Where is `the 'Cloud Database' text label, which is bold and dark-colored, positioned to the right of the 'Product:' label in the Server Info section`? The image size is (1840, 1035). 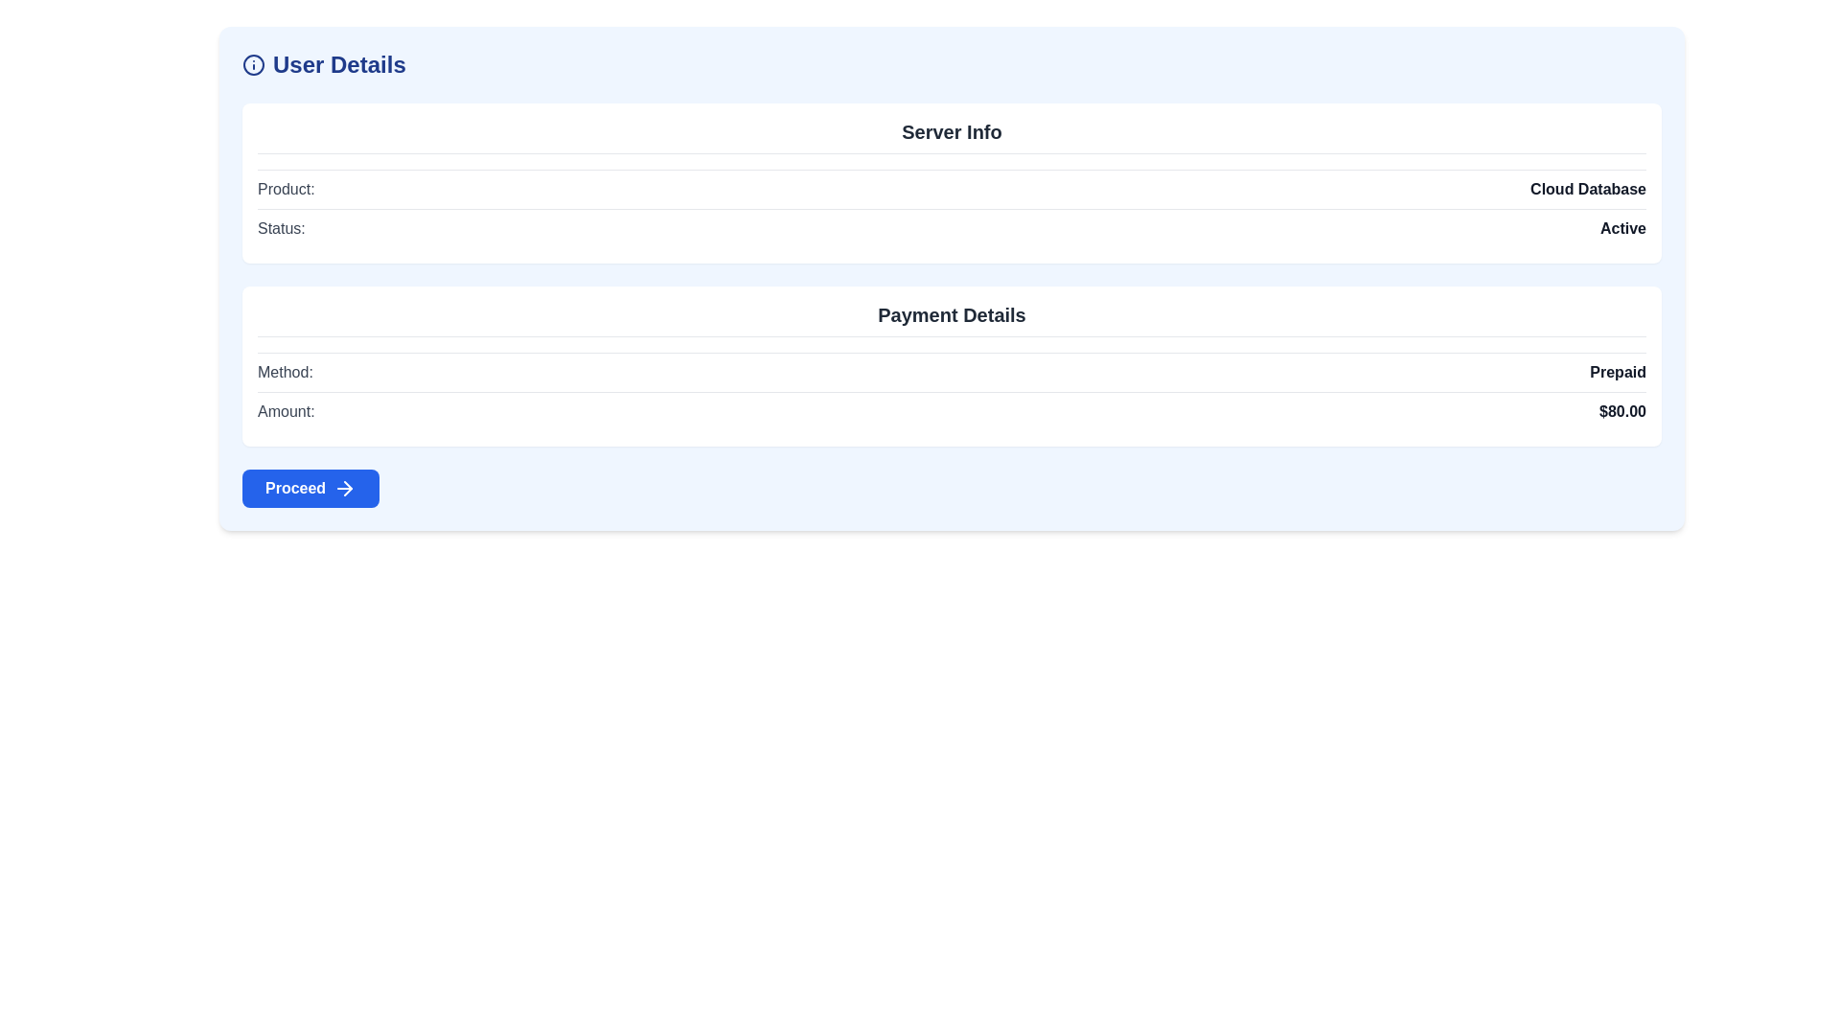
the 'Cloud Database' text label, which is bold and dark-colored, positioned to the right of the 'Product:' label in the Server Info section is located at coordinates (1588, 189).